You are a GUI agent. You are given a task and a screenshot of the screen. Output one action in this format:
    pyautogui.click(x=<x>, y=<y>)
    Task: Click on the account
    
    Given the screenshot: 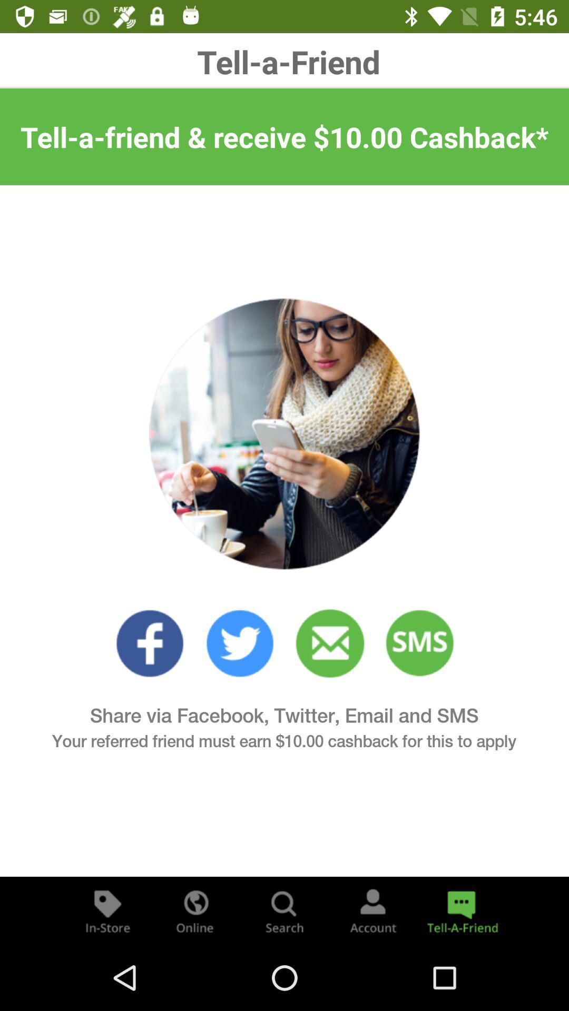 What is the action you would take?
    pyautogui.click(x=372, y=910)
    